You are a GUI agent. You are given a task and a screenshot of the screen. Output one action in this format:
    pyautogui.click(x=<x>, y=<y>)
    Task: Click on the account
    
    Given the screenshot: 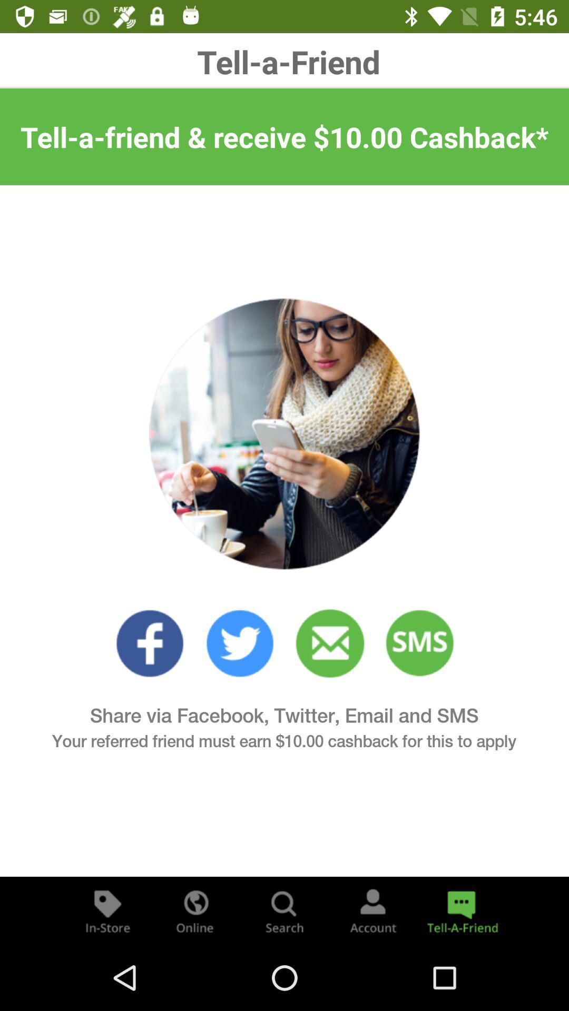 What is the action you would take?
    pyautogui.click(x=372, y=910)
    